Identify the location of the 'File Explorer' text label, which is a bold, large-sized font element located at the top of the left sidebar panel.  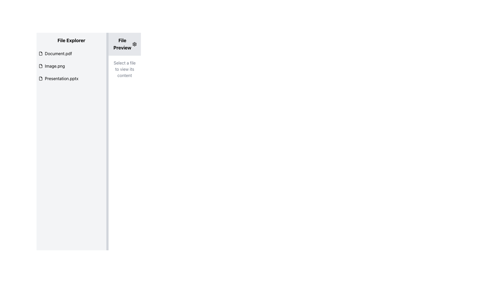
(71, 40).